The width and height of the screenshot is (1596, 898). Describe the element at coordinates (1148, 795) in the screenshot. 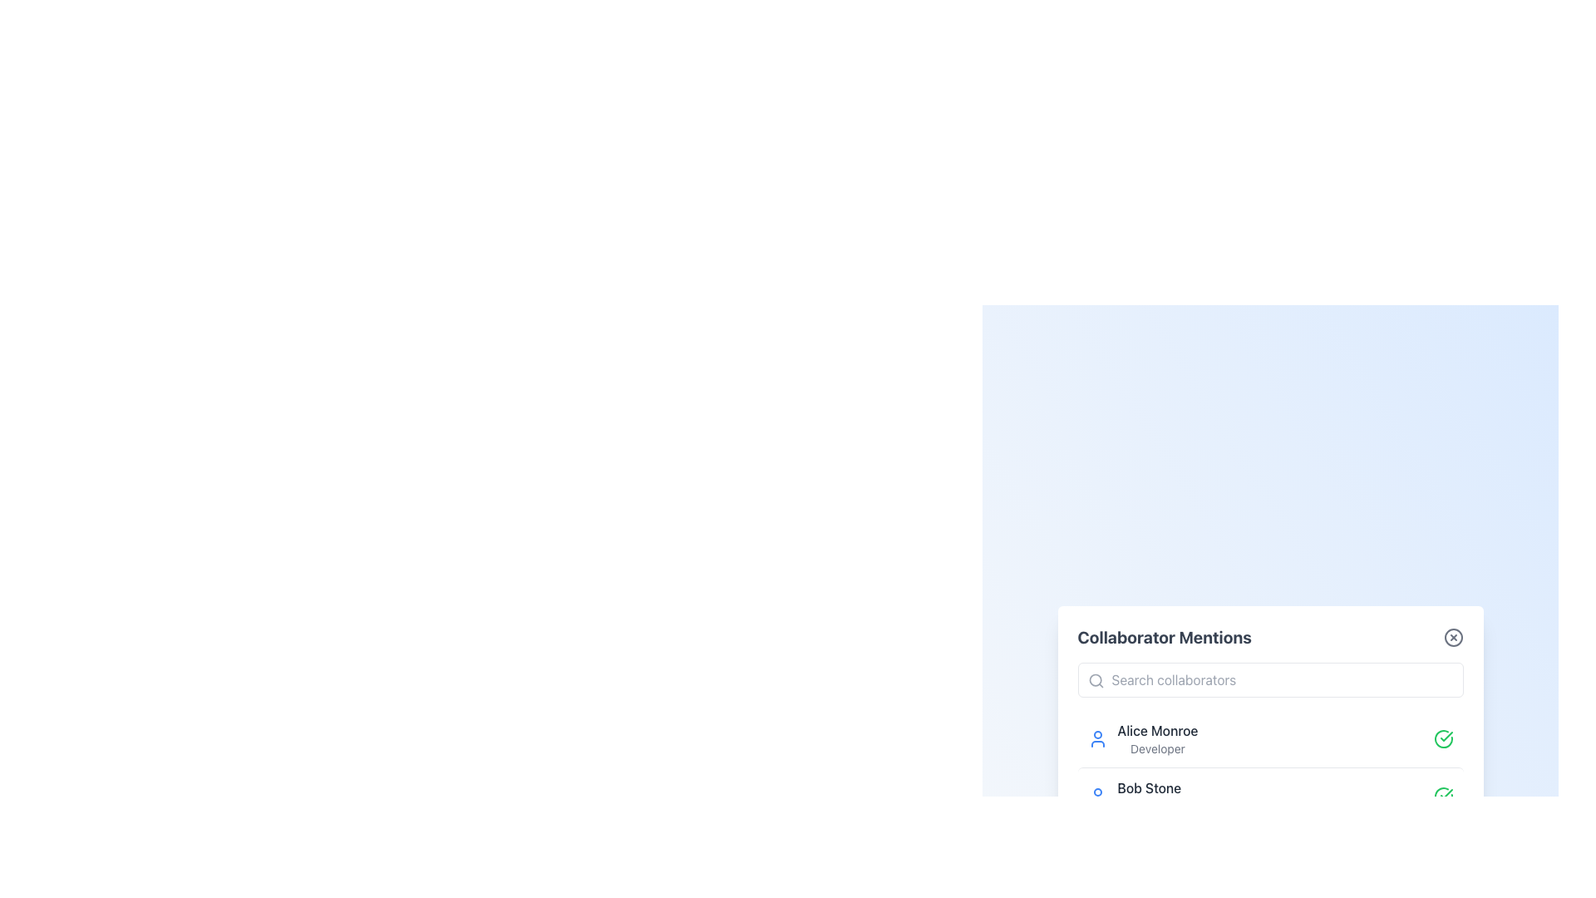

I see `the user profile entry labeled with the user's name and role, which is the second entry in the 'Collaborator Mentions' list` at that location.